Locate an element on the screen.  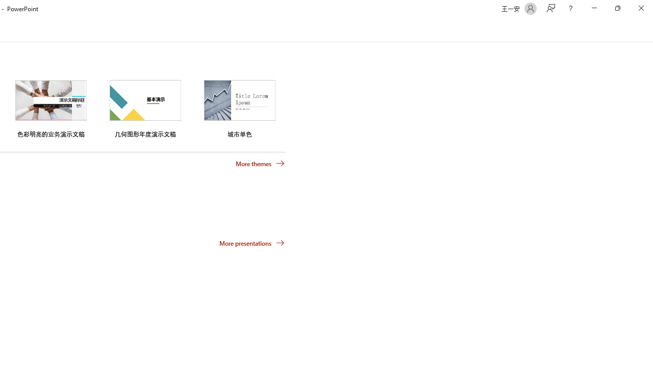
'More themes' is located at coordinates (260, 163).